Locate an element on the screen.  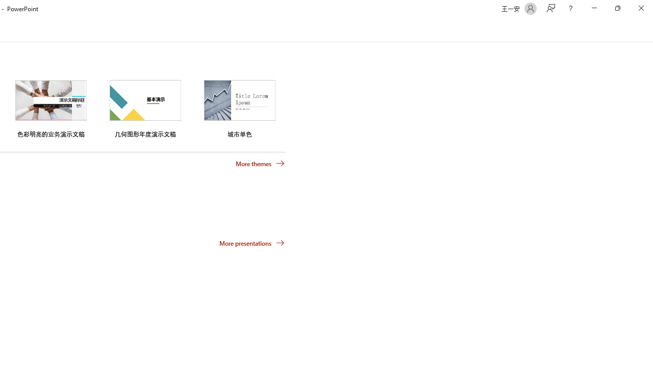
'More themes' is located at coordinates (260, 163).